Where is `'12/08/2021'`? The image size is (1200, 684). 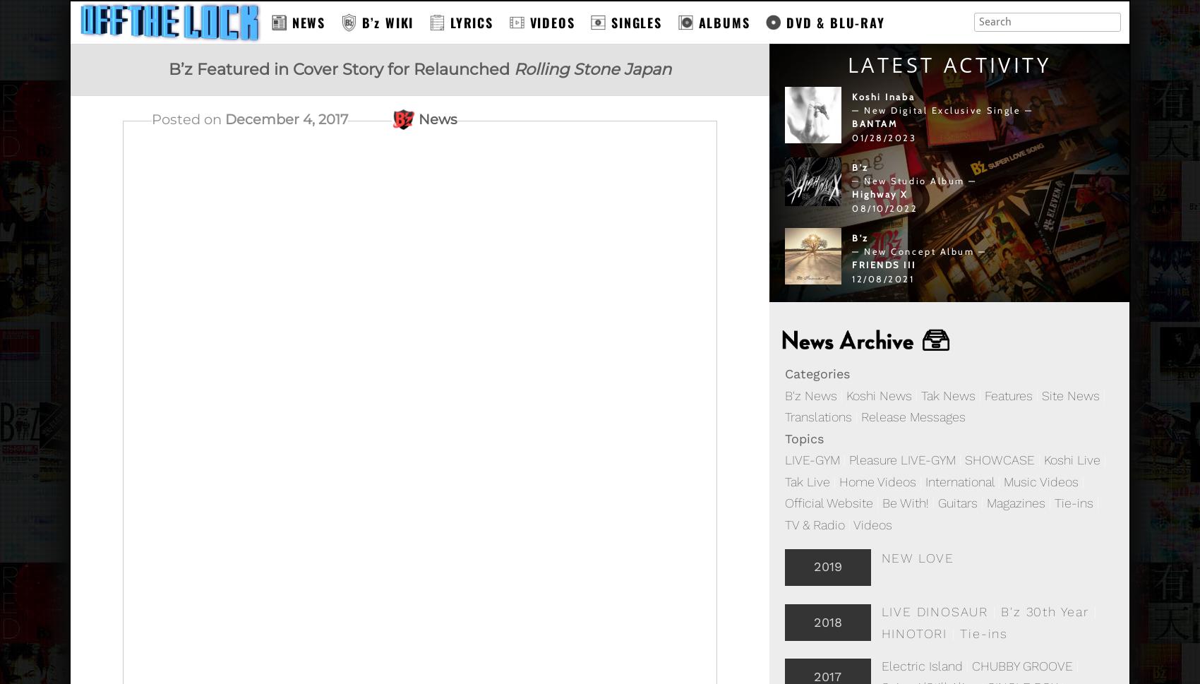
'12/08/2021' is located at coordinates (851, 278).